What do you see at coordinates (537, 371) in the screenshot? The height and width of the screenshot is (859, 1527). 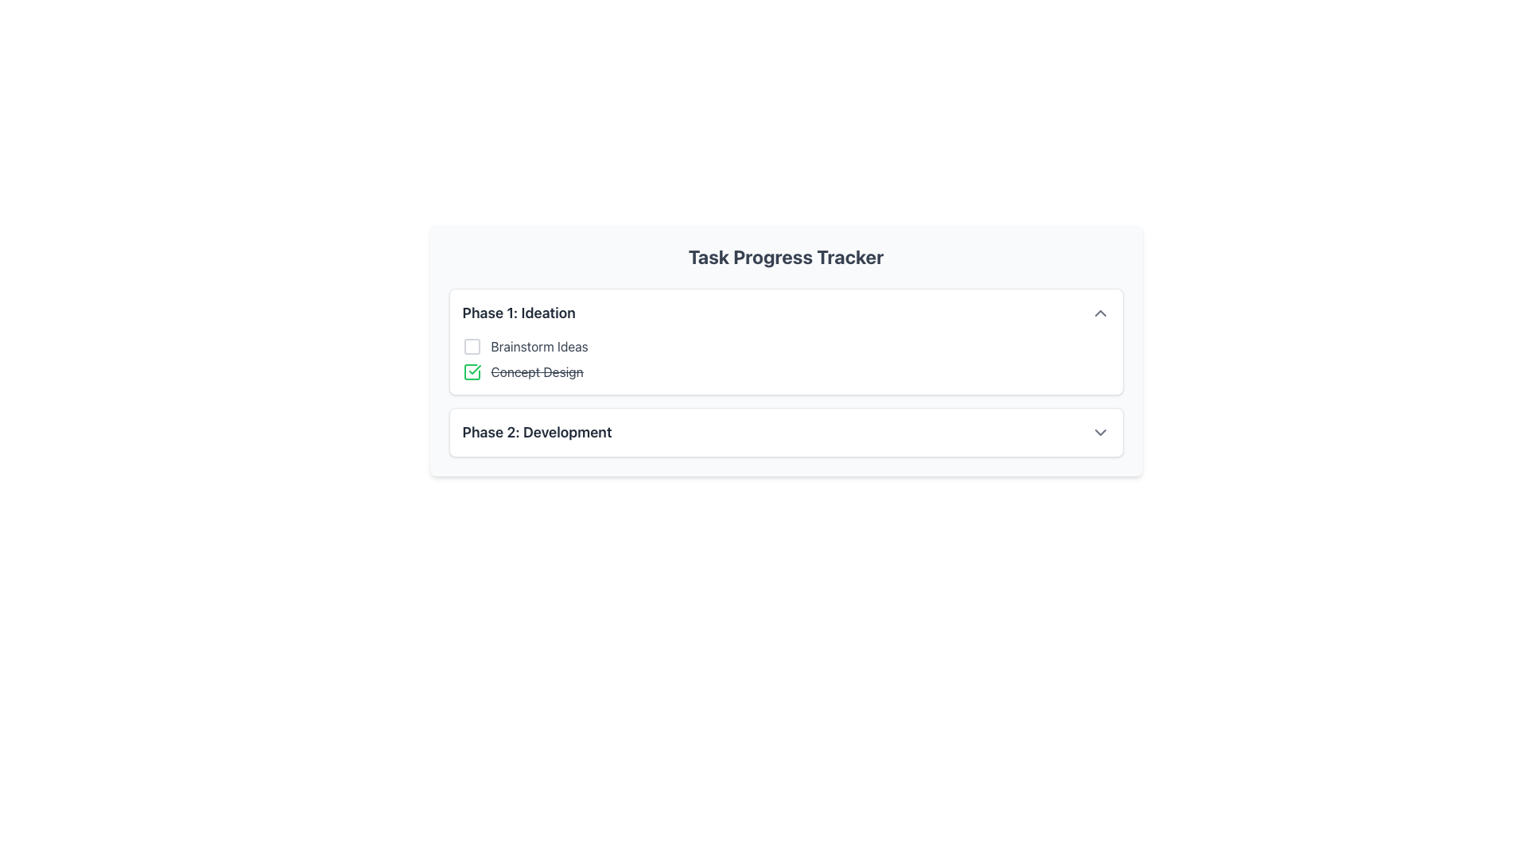 I see `the completed checklist item label indicating a task under 'Phase 1: Ideation'` at bounding box center [537, 371].